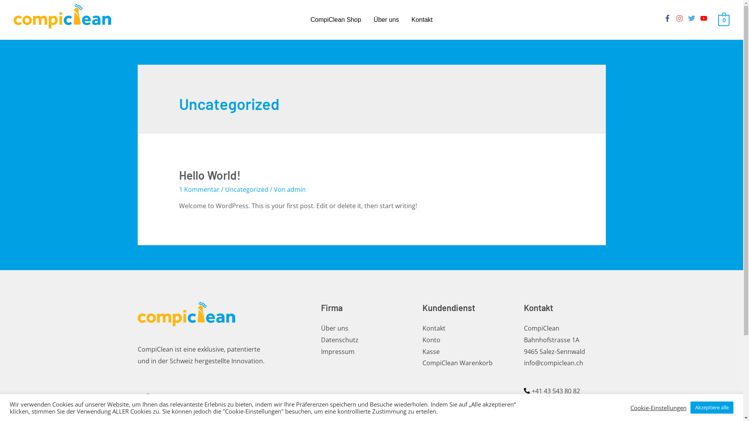 The image size is (749, 421). What do you see at coordinates (430, 339) in the screenshot?
I see `'Konto'` at bounding box center [430, 339].